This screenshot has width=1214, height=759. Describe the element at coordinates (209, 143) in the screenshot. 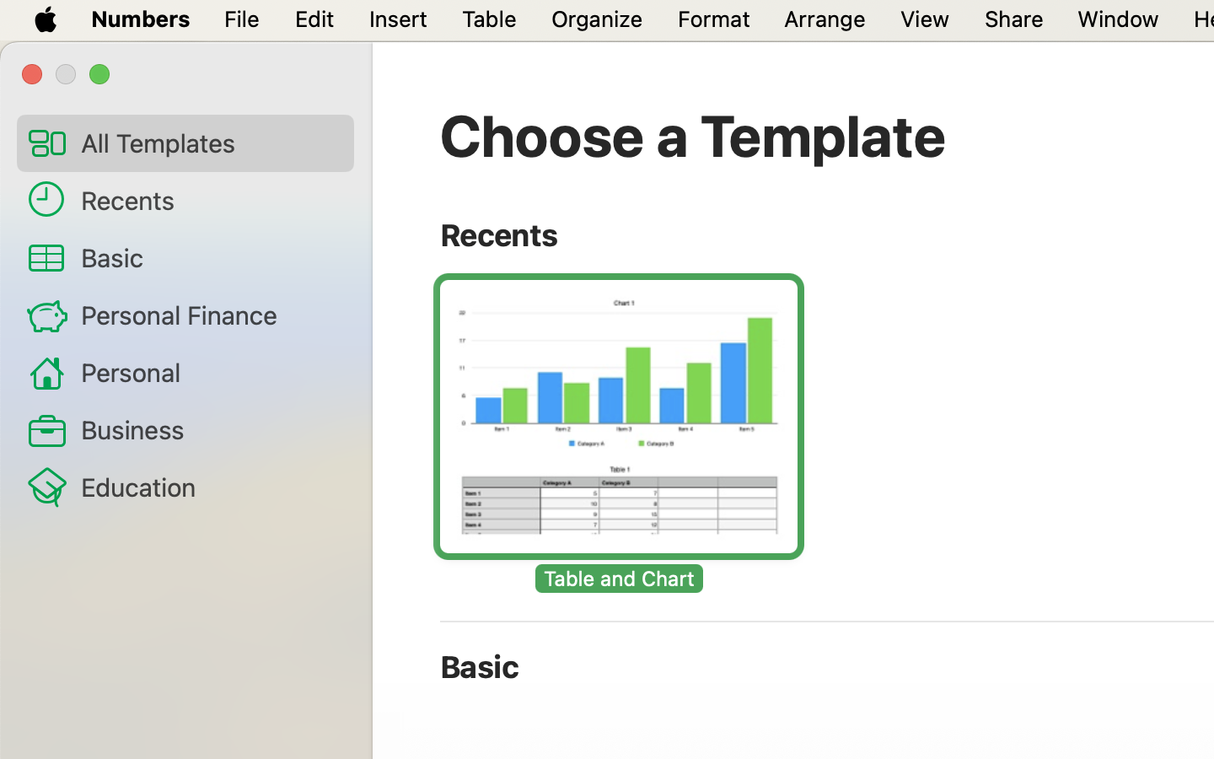

I see `'All Templates'` at that location.